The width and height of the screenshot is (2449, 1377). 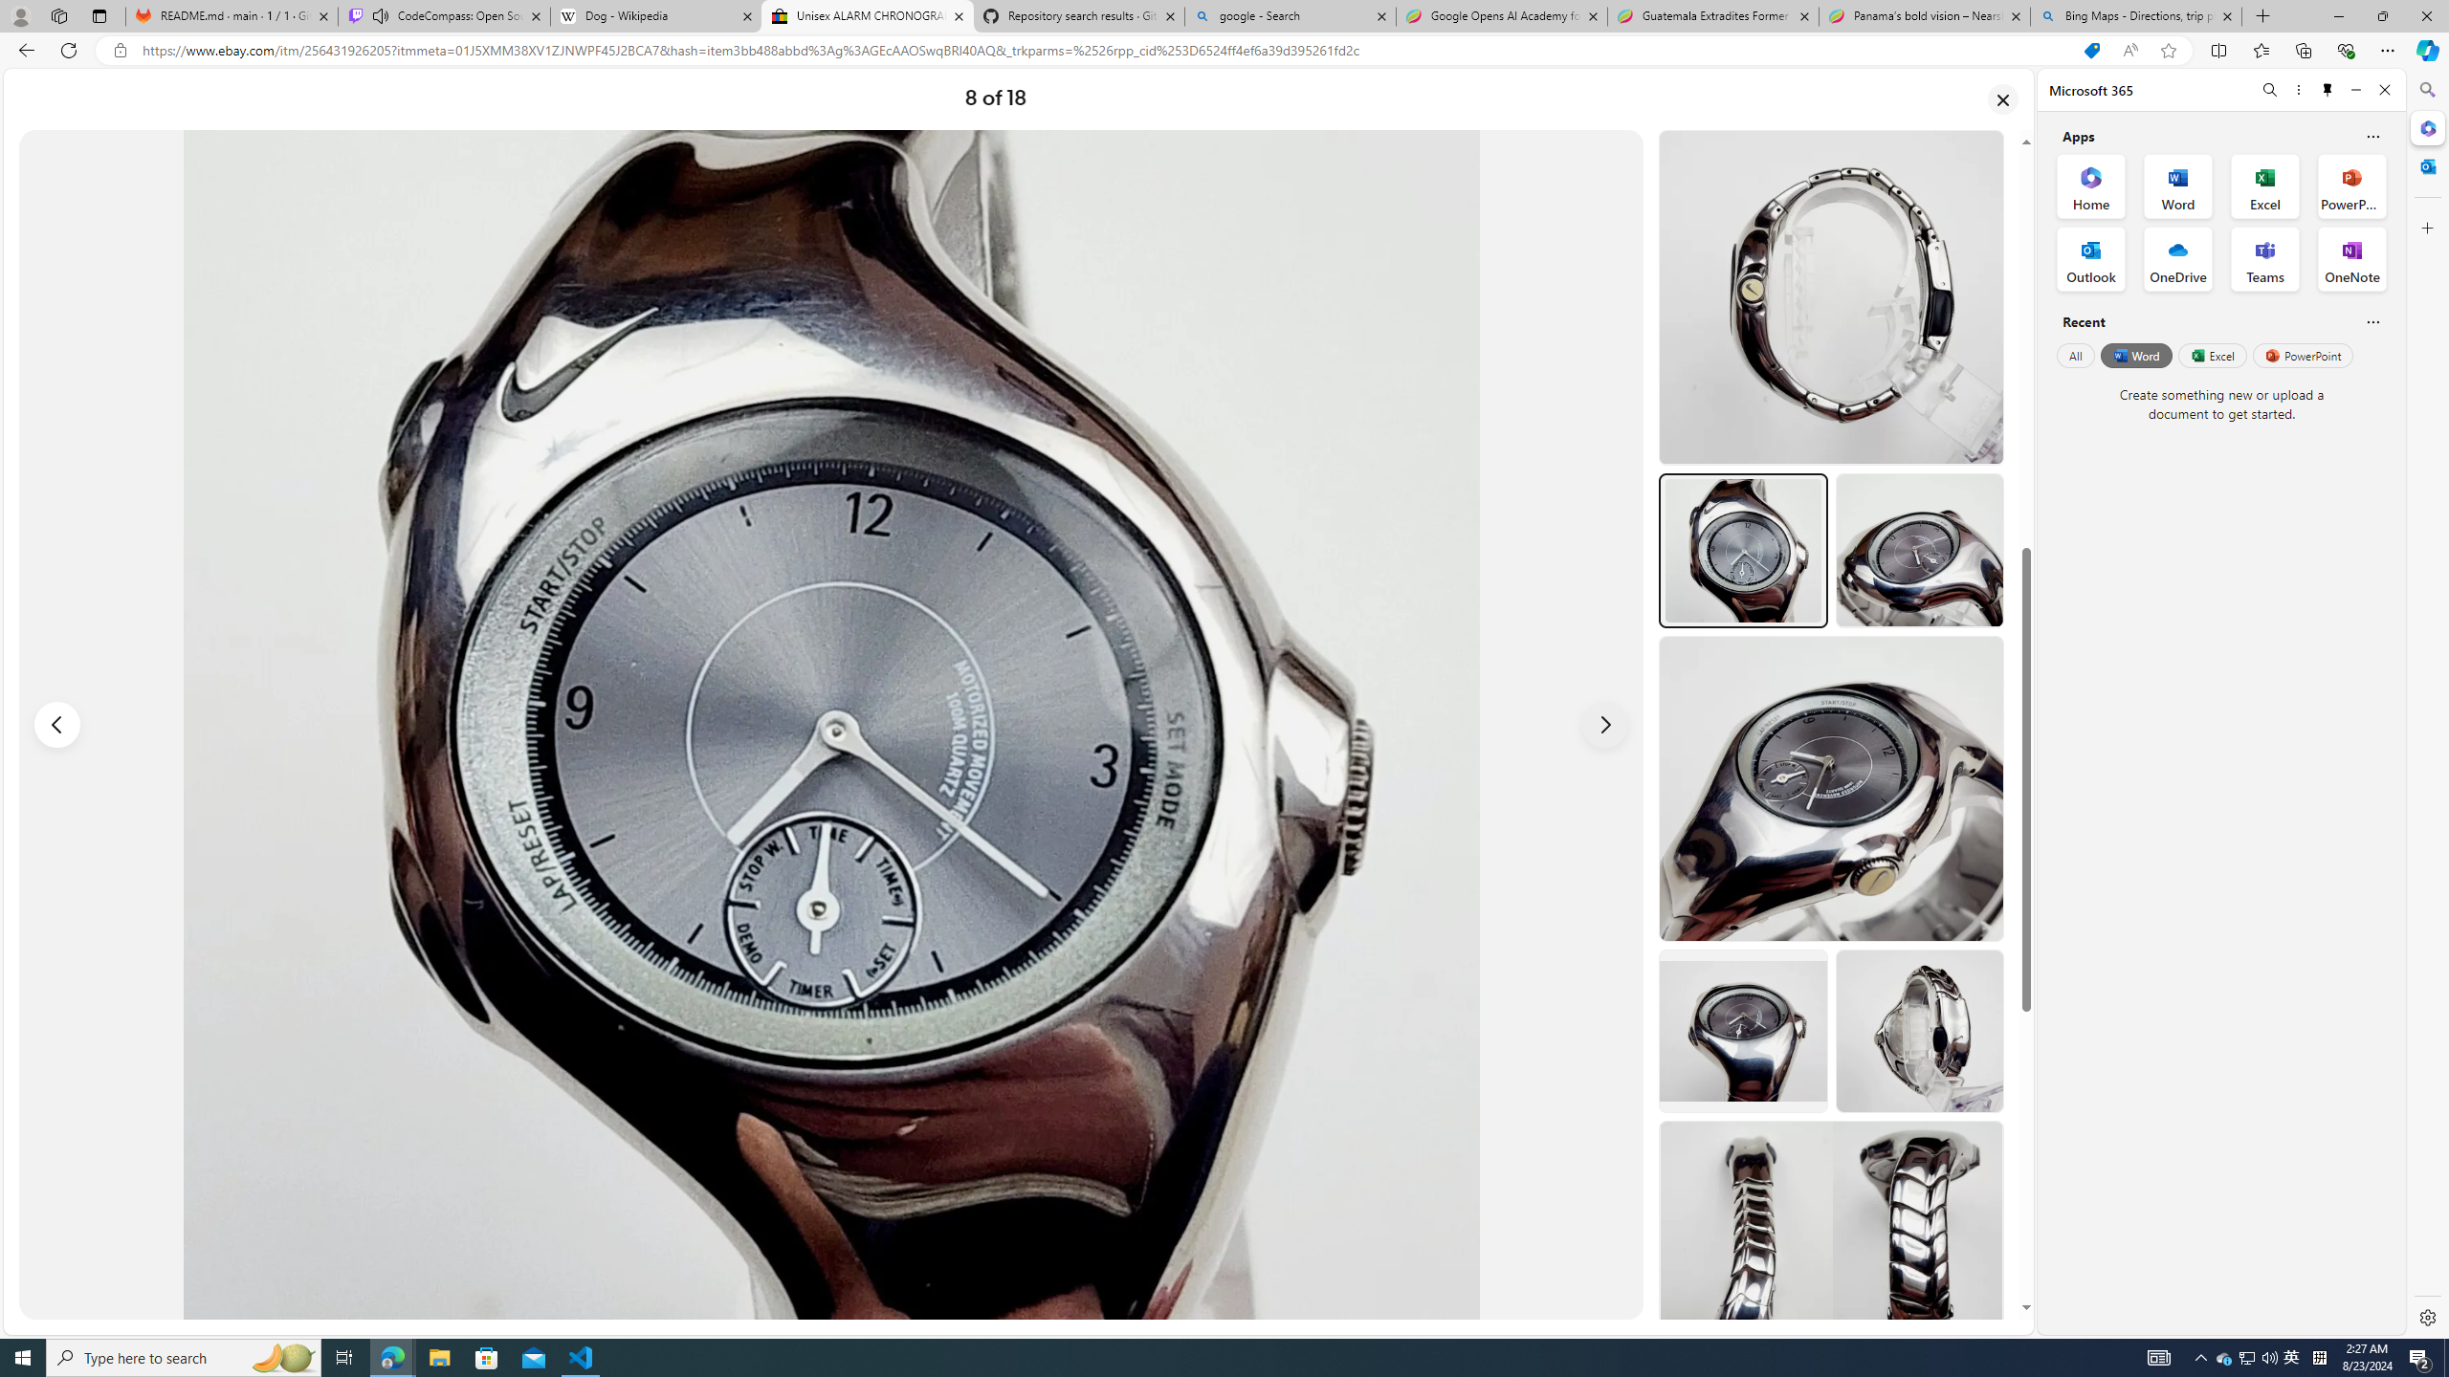 What do you see at coordinates (2265, 259) in the screenshot?
I see `'Teams Office App'` at bounding box center [2265, 259].